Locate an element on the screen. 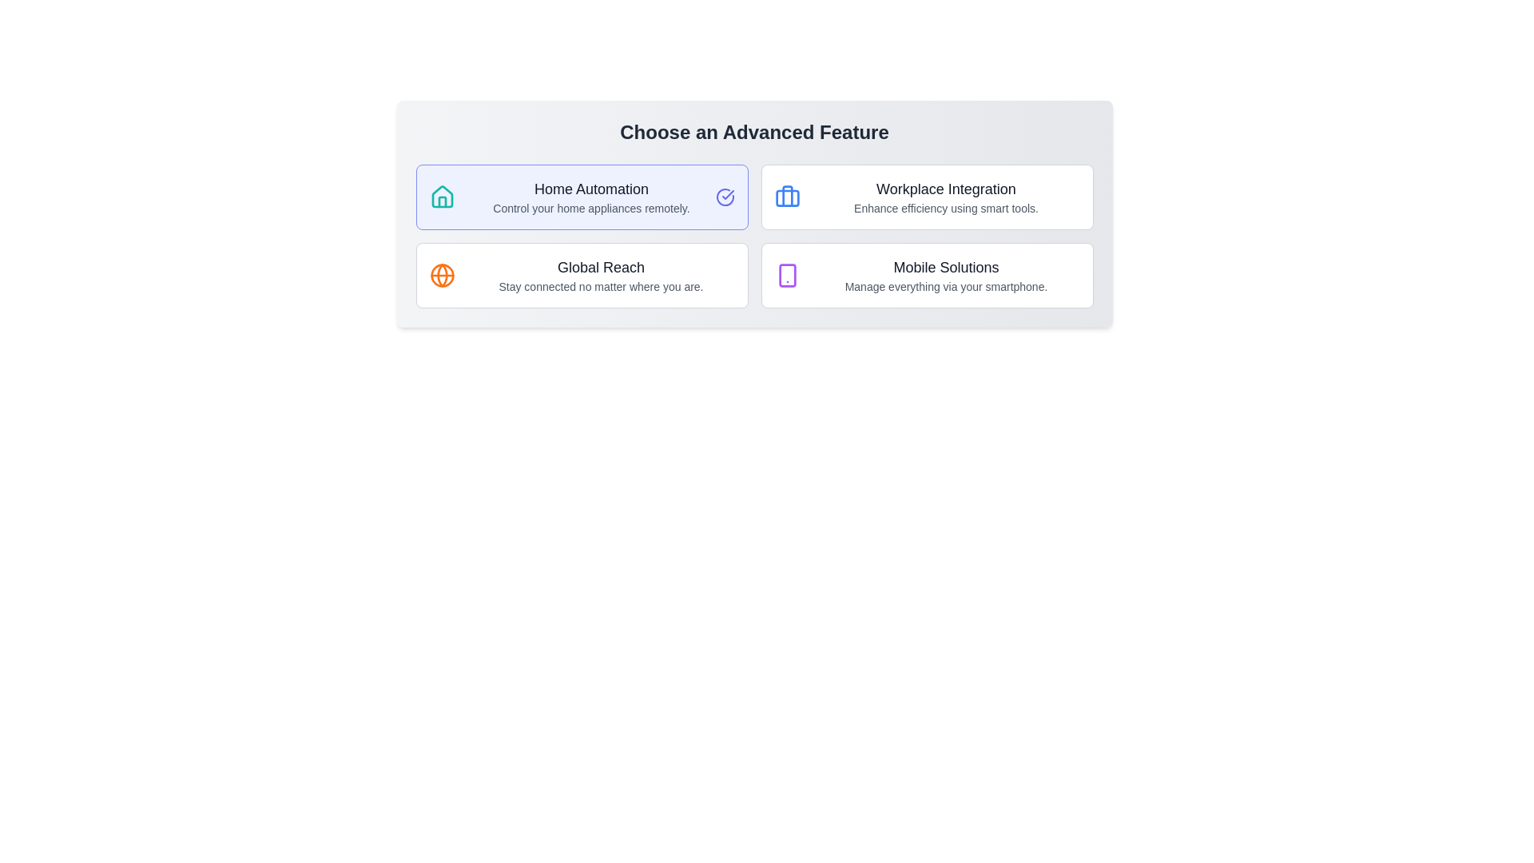 The image size is (1534, 863). the circular indigo icon with a checkmark inside it located on the far right side of the 'Home Automation' feature section is located at coordinates (724, 196).